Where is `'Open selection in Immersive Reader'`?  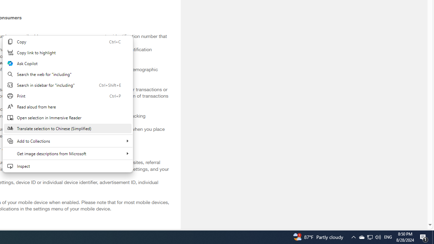 'Open selection in Immersive Reader' is located at coordinates (67, 117).